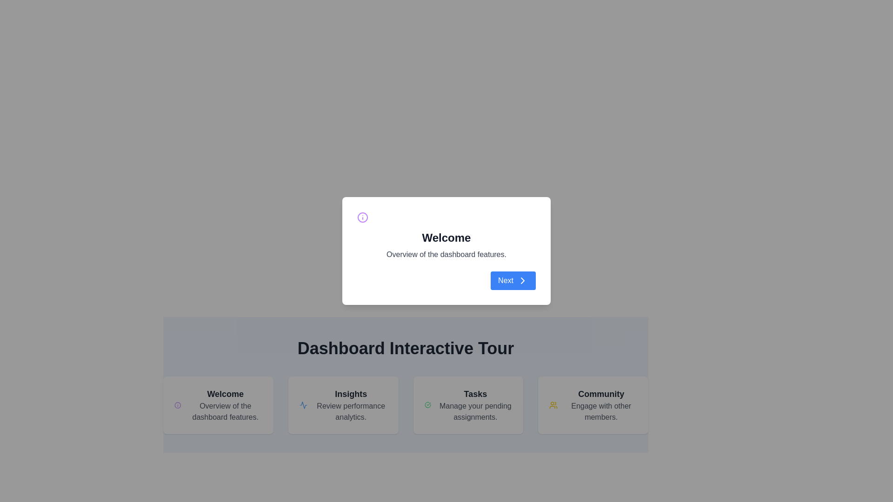 The image size is (893, 502). What do you see at coordinates (406, 348) in the screenshot?
I see `the centered heading text labeled 'Dashboard Interactive Tour' which is prominently displayed in bold and large dark gray font, located above the grouped content sections in the upper section of the interface` at bounding box center [406, 348].